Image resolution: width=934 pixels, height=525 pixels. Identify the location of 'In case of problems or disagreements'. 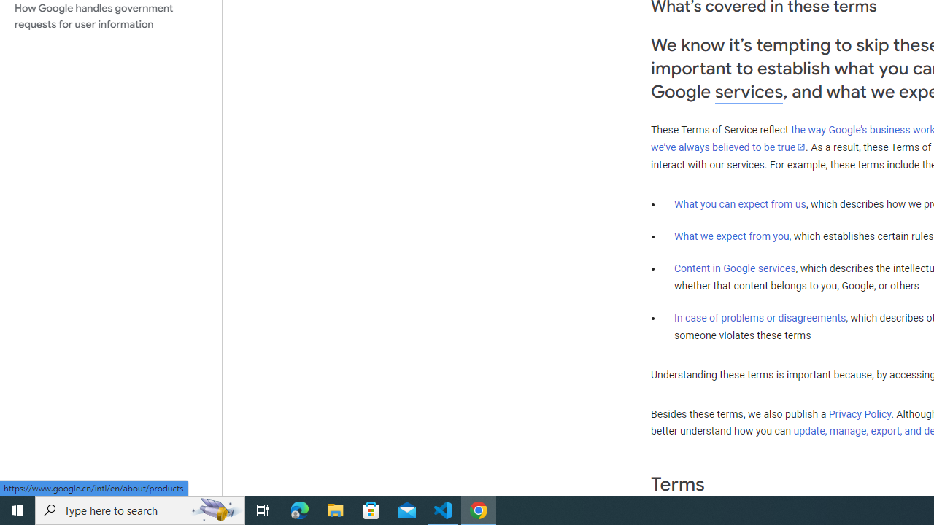
(759, 316).